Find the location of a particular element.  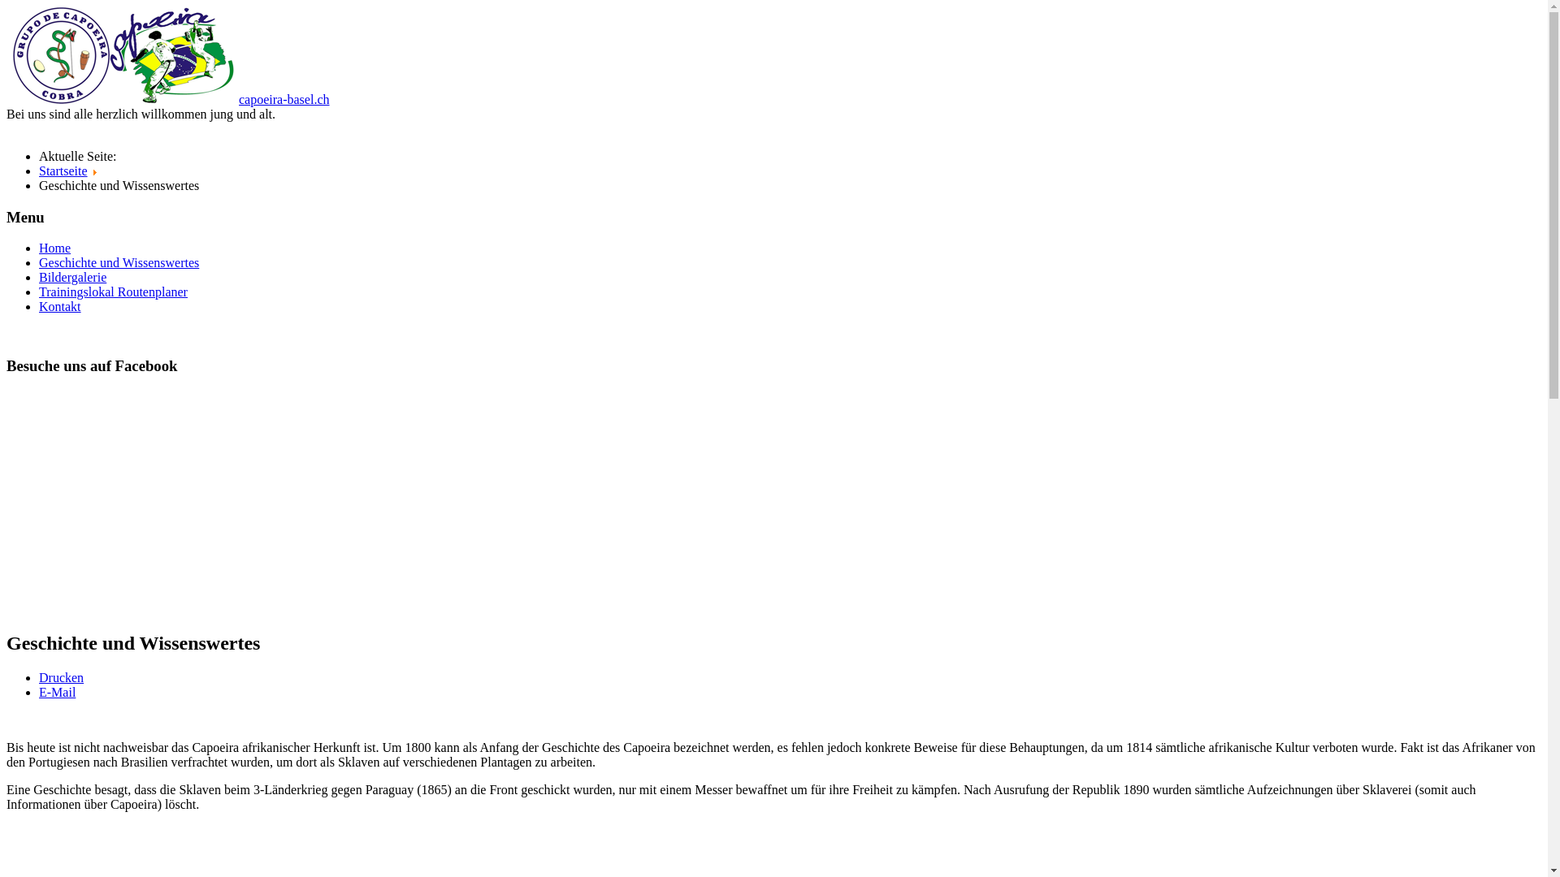

'Kontakt' is located at coordinates (59, 306).